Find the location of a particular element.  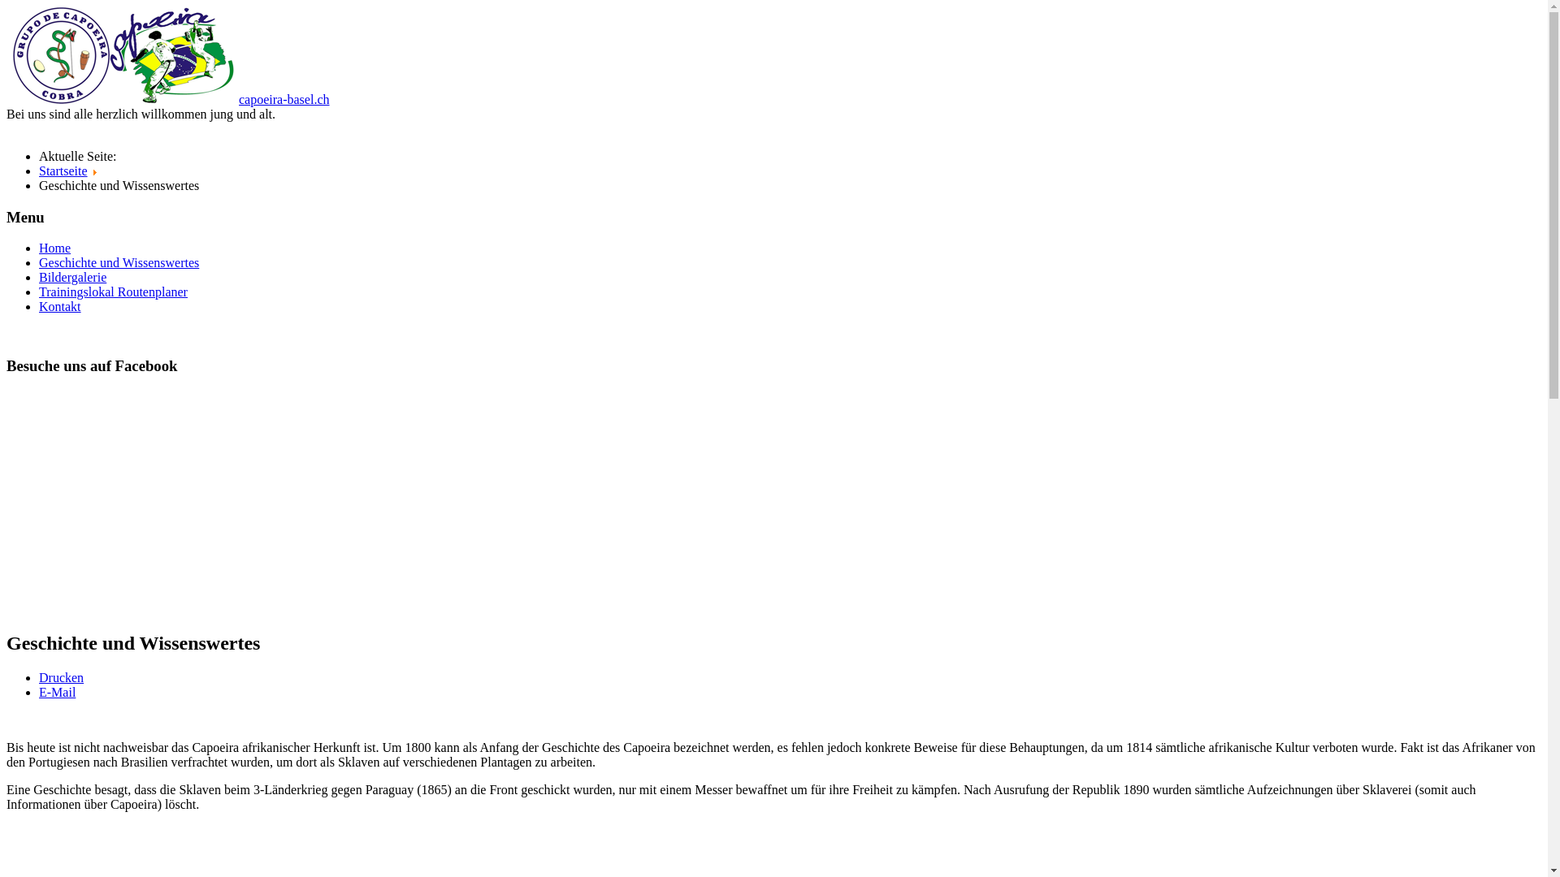

'Kontakt' is located at coordinates (59, 306).